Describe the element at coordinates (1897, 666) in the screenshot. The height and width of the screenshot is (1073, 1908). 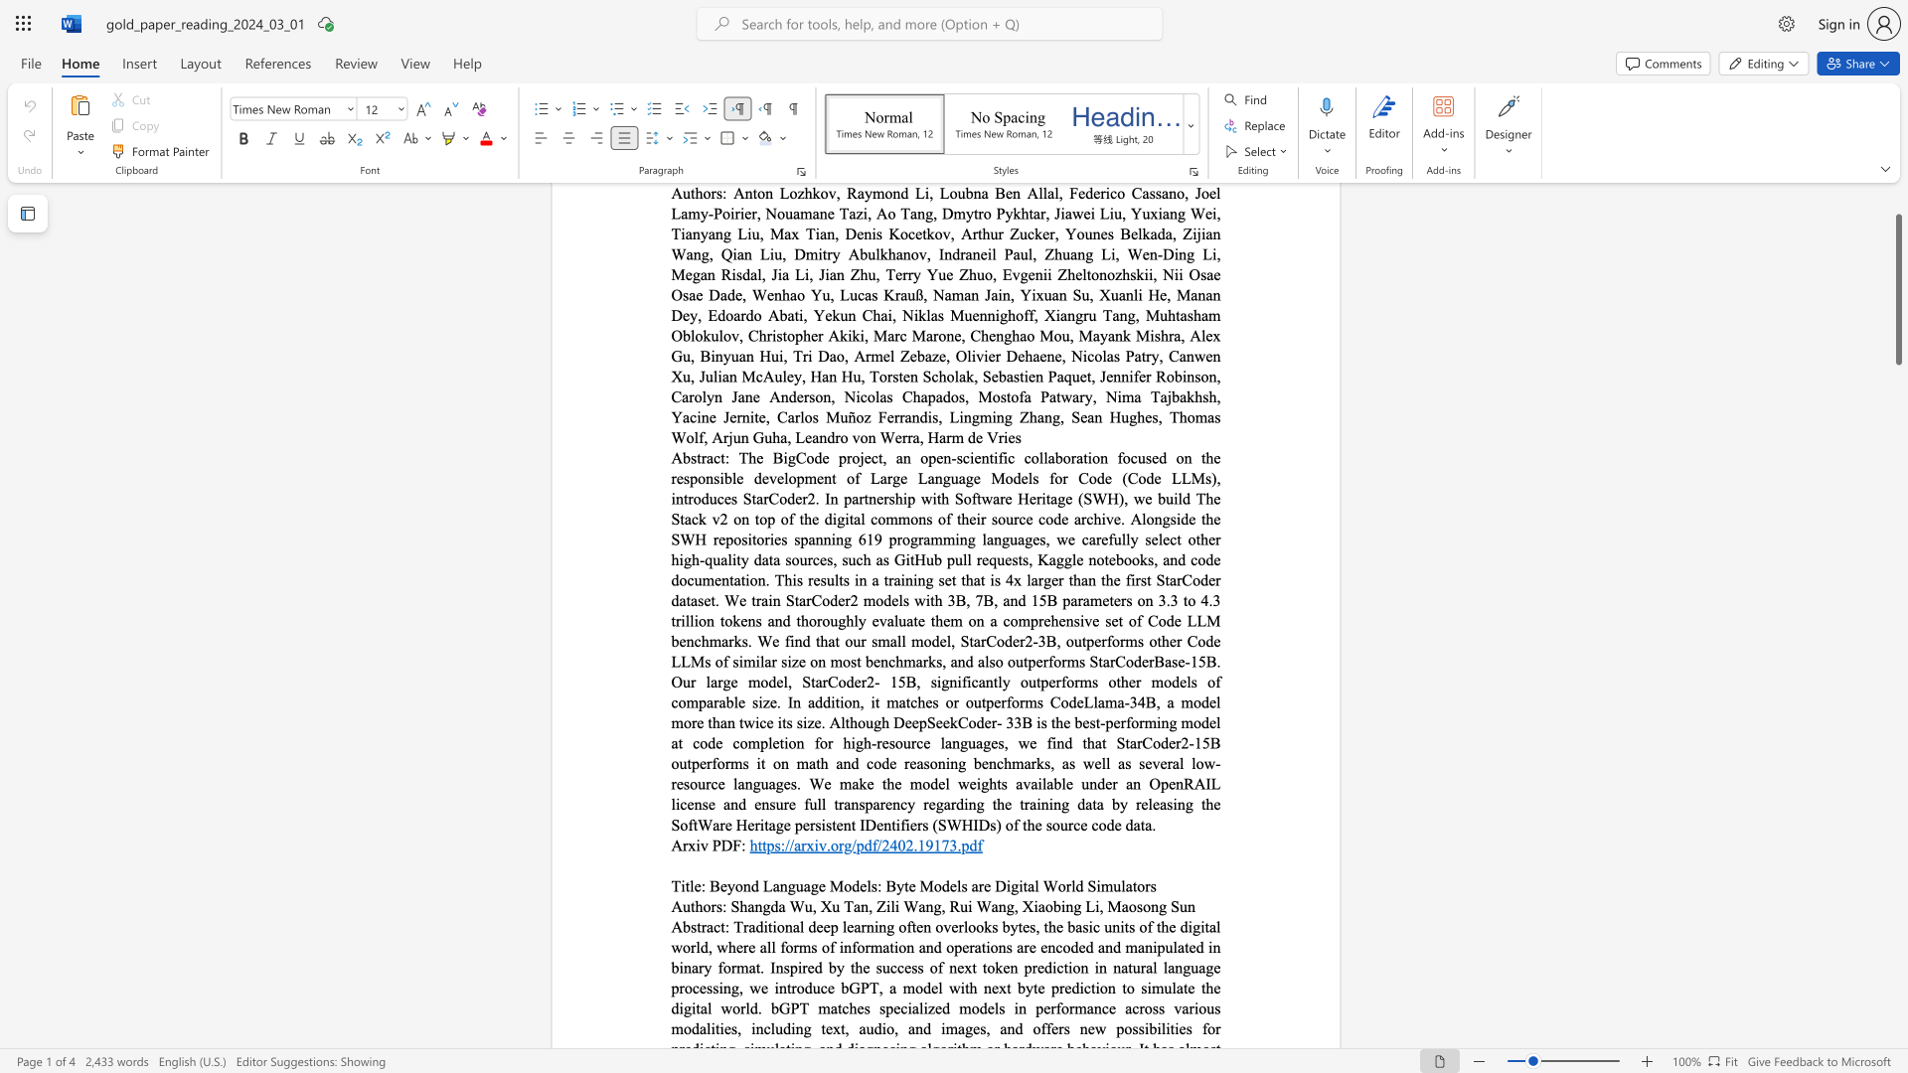
I see `the scrollbar to move the page downward` at that location.